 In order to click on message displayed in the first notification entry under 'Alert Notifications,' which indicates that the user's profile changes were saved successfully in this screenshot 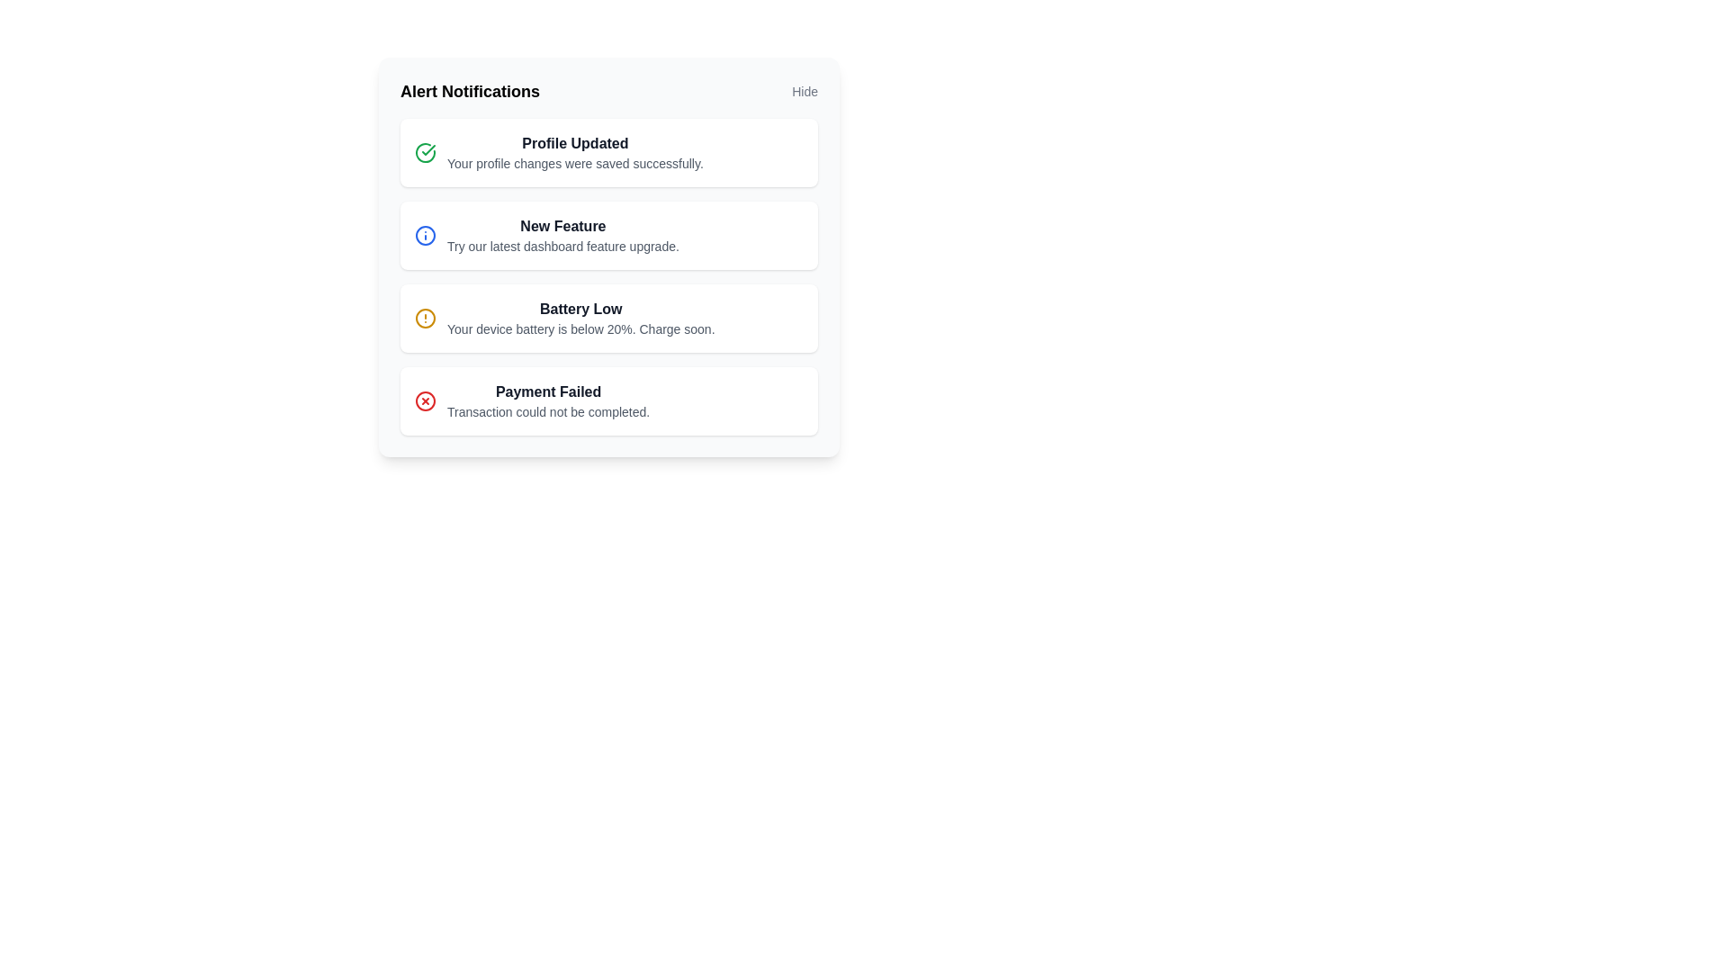, I will do `click(574, 151)`.